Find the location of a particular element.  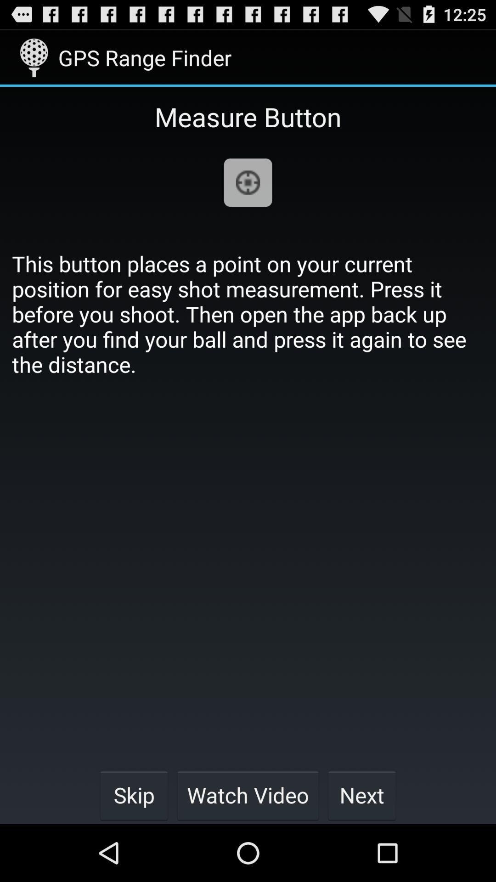

item above the this button places is located at coordinates (248, 182).